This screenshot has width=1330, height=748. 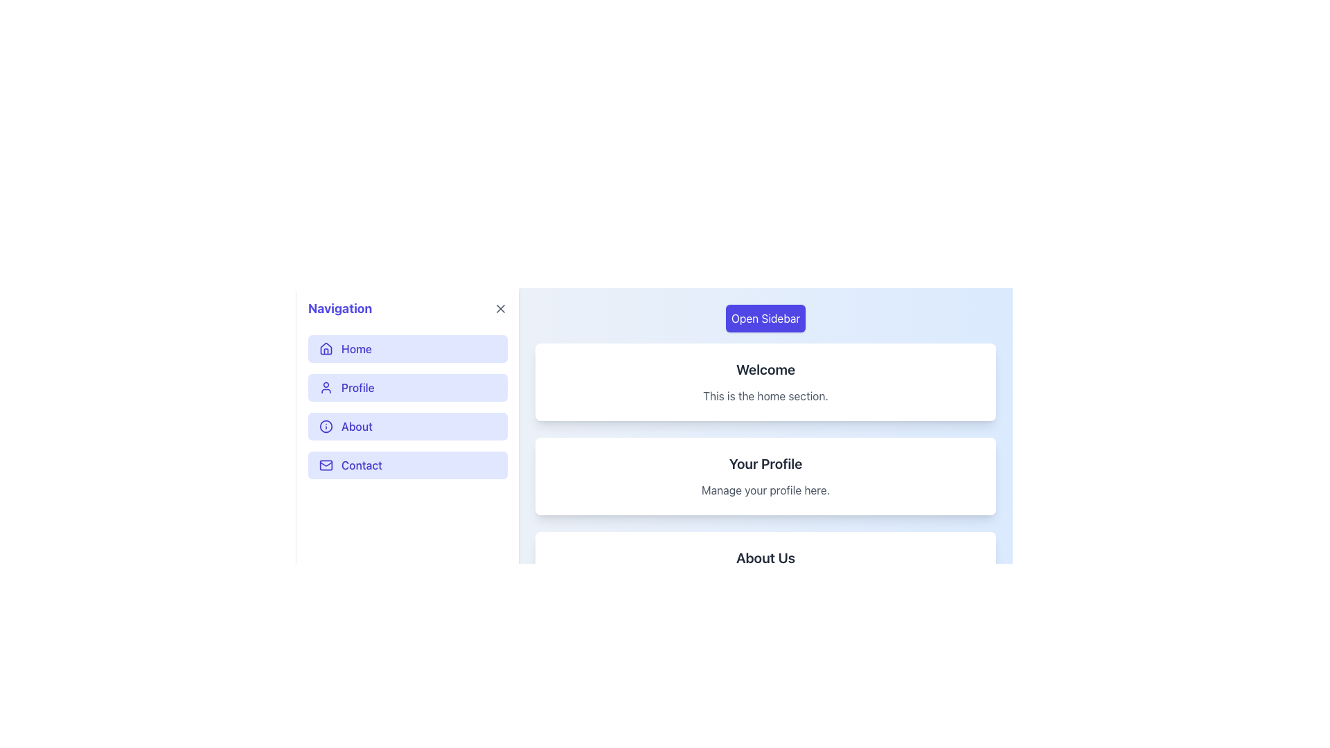 What do you see at coordinates (325, 348) in the screenshot?
I see `the small house icon with a blue outline located in the navigation sidebar` at bounding box center [325, 348].